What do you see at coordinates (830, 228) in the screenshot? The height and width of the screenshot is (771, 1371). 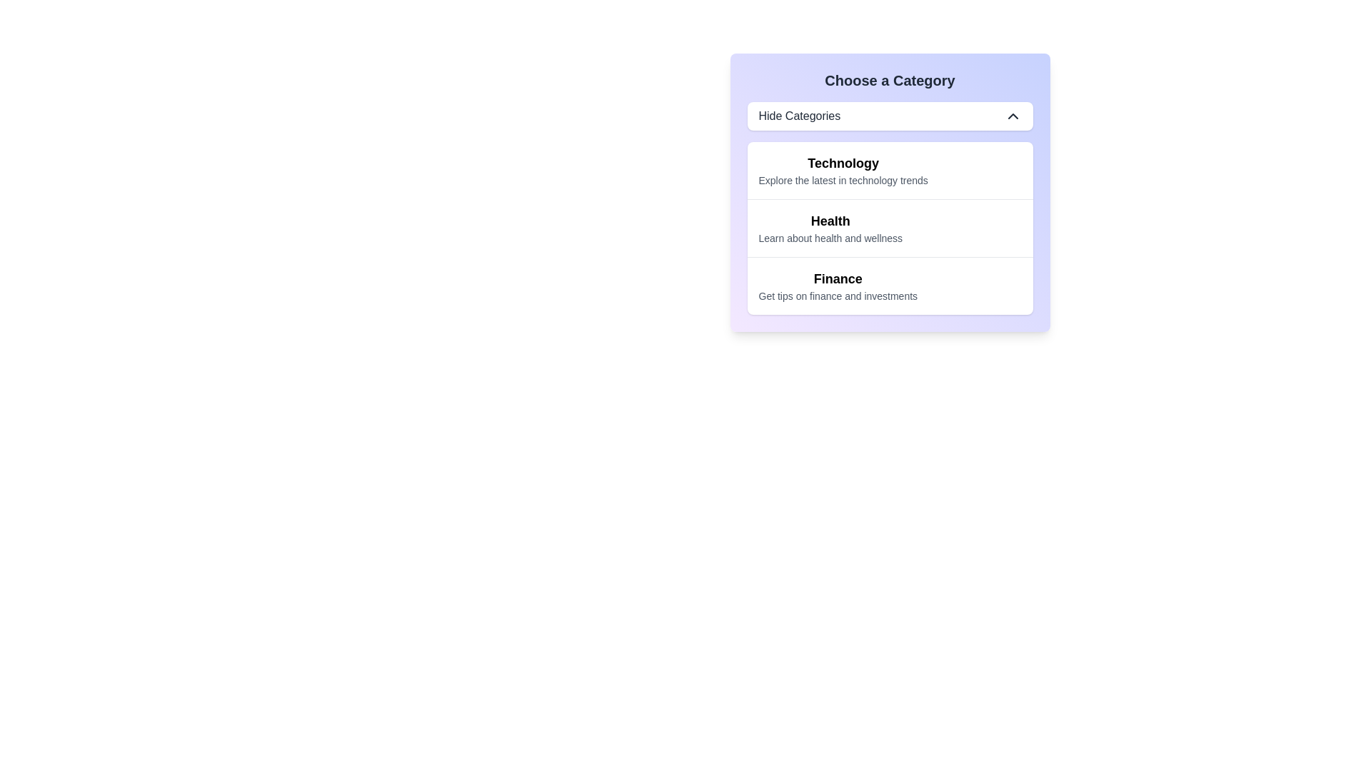 I see `the 'Health' category list item, which features a bold title 'Health' and a smaller description 'Learn about health and wellness', positioned centrally in the list below 'Technology' and above 'Finance'` at bounding box center [830, 228].